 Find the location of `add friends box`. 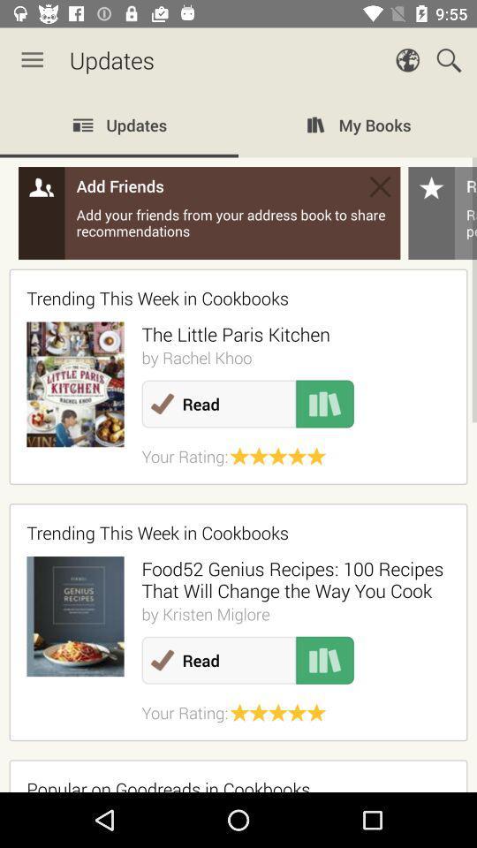

add friends box is located at coordinates (379, 186).